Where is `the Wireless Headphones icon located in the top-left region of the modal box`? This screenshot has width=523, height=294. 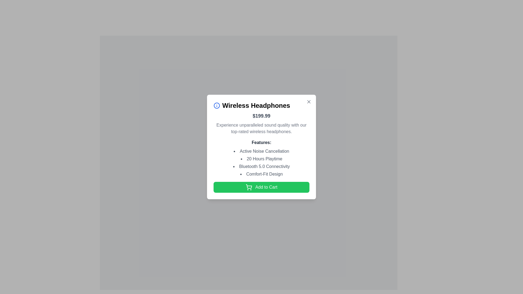
the Wireless Headphones icon located in the top-left region of the modal box is located at coordinates (217, 105).